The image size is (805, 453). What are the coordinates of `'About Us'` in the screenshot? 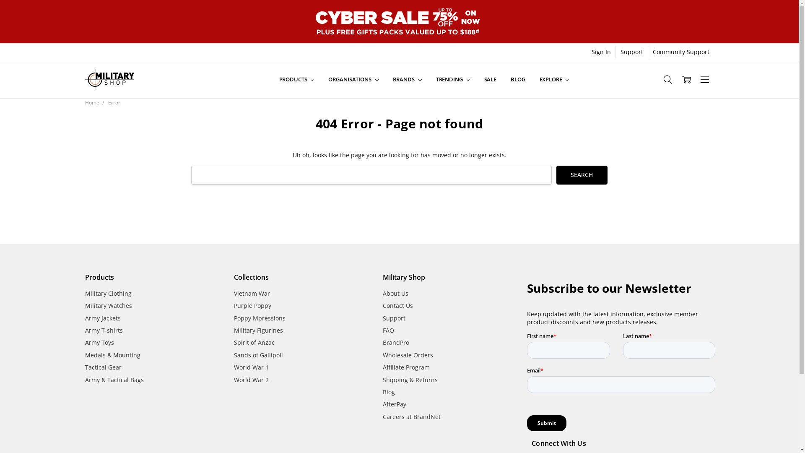 It's located at (382, 293).